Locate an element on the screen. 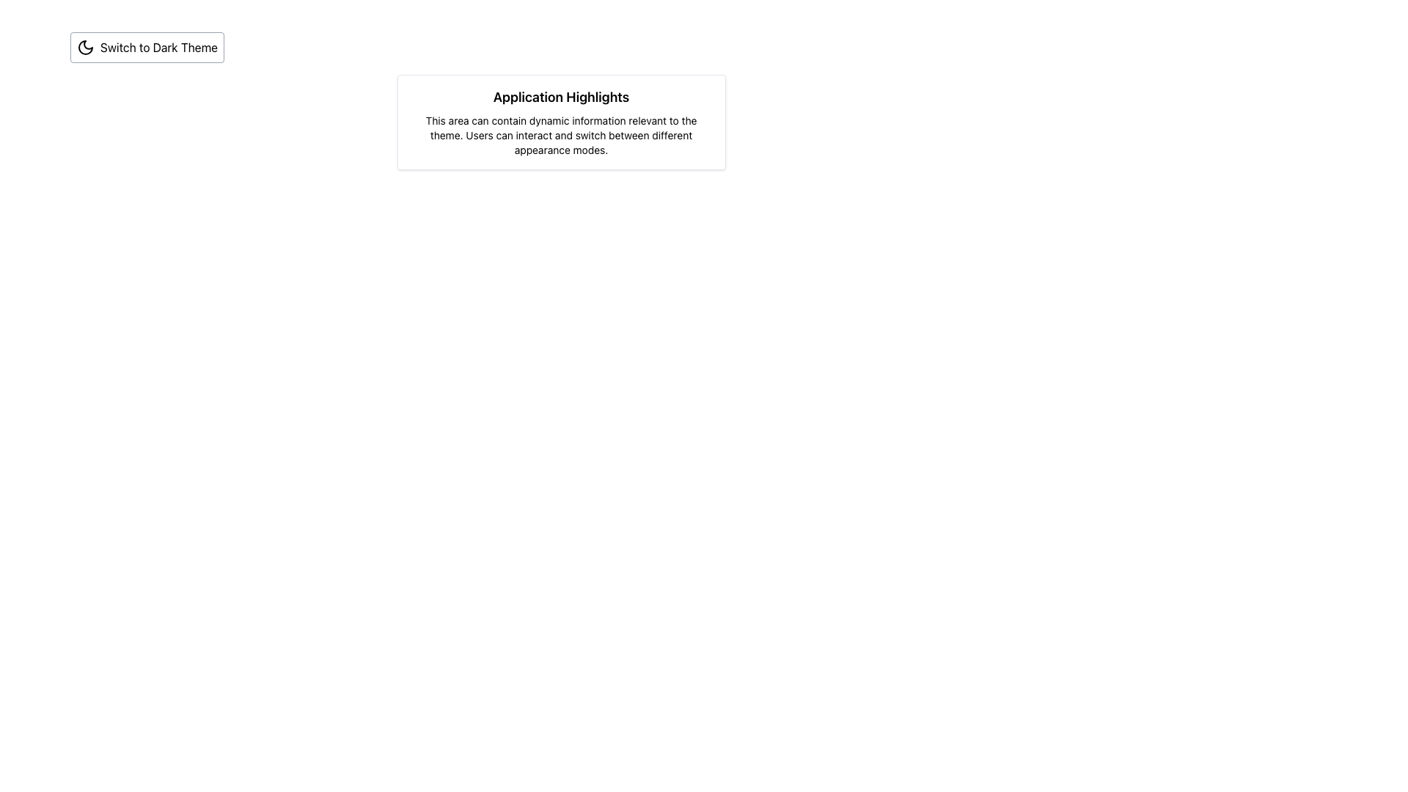 This screenshot has width=1408, height=792. the text within the non-interactive informational Text Block positioned below the heading 'Application Highlights' is located at coordinates (560, 136).